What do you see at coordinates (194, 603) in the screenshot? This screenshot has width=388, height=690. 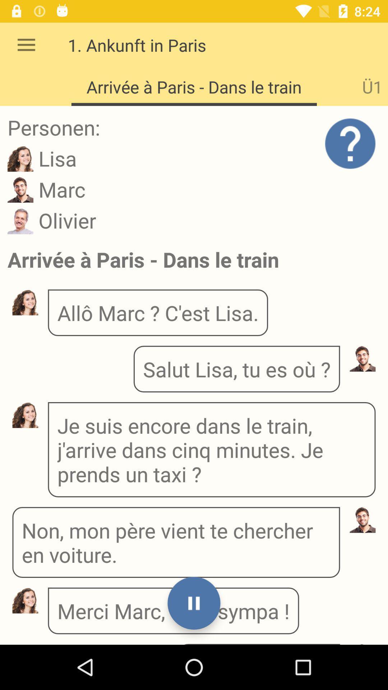 I see `the pause icon` at bounding box center [194, 603].